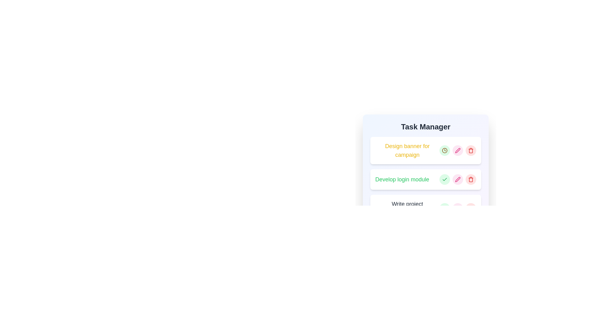 The image size is (598, 336). What do you see at coordinates (425, 180) in the screenshot?
I see `the task entry labeled 'Develop login module' in the task manager` at bounding box center [425, 180].